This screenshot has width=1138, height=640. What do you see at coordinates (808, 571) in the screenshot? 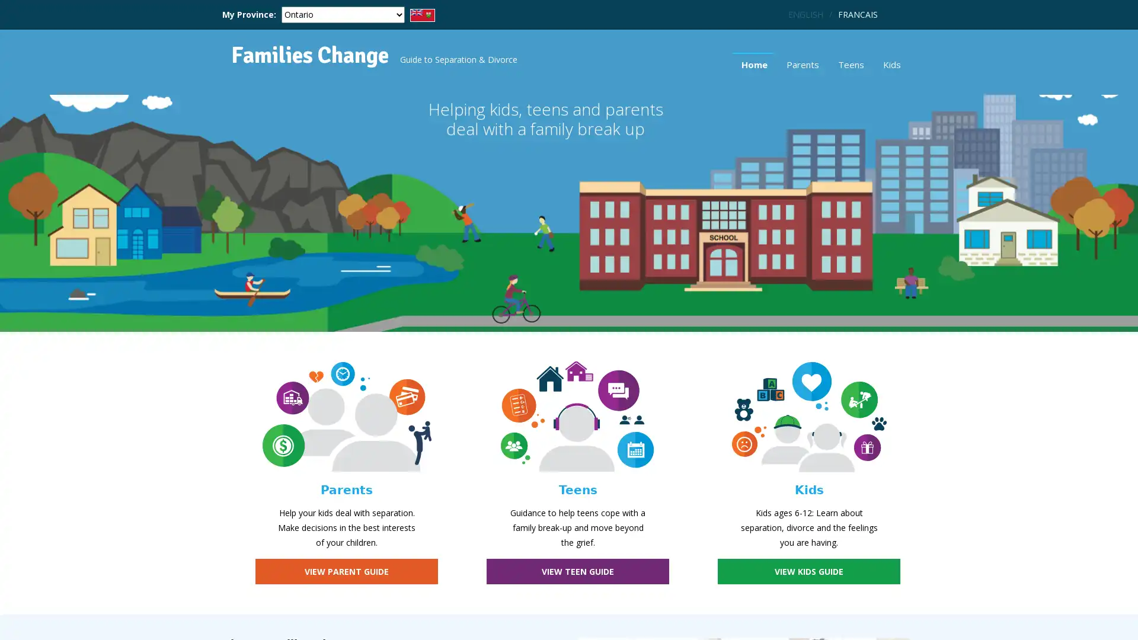
I see `VIEW KIDS GUIDE` at bounding box center [808, 571].